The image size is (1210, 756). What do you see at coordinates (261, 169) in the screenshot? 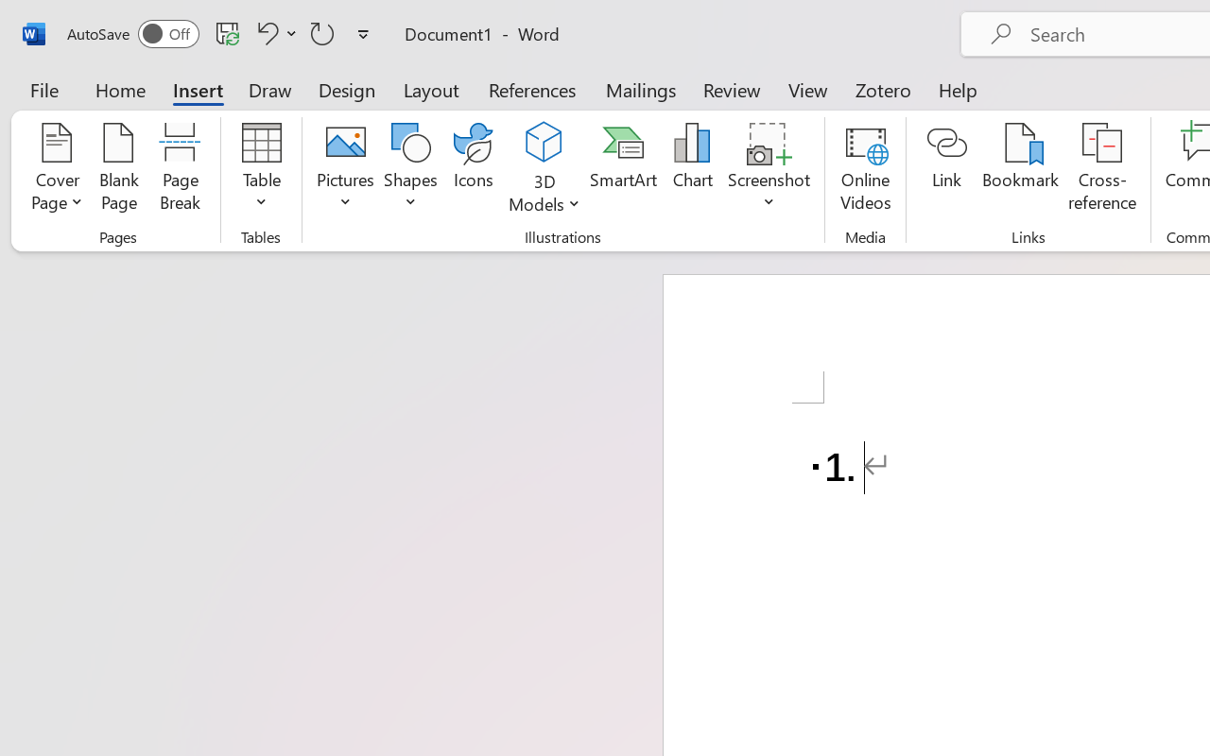
I see `'Table'` at bounding box center [261, 169].